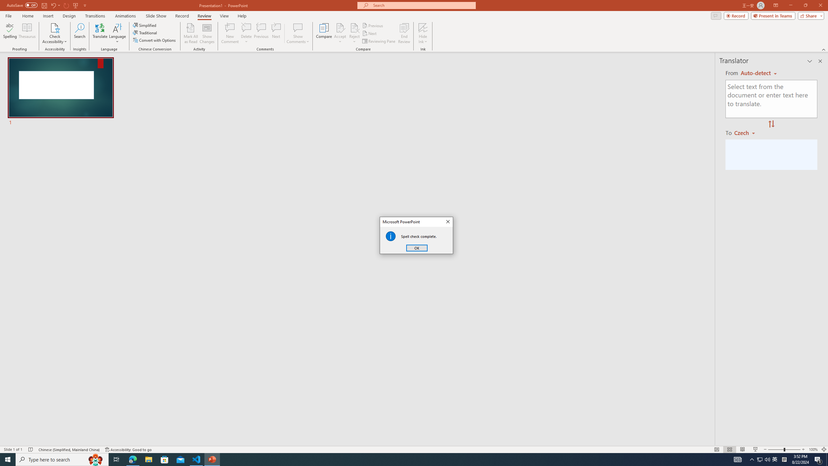 This screenshot has height=466, width=828. What do you see at coordinates (404, 33) in the screenshot?
I see `'End Review'` at bounding box center [404, 33].